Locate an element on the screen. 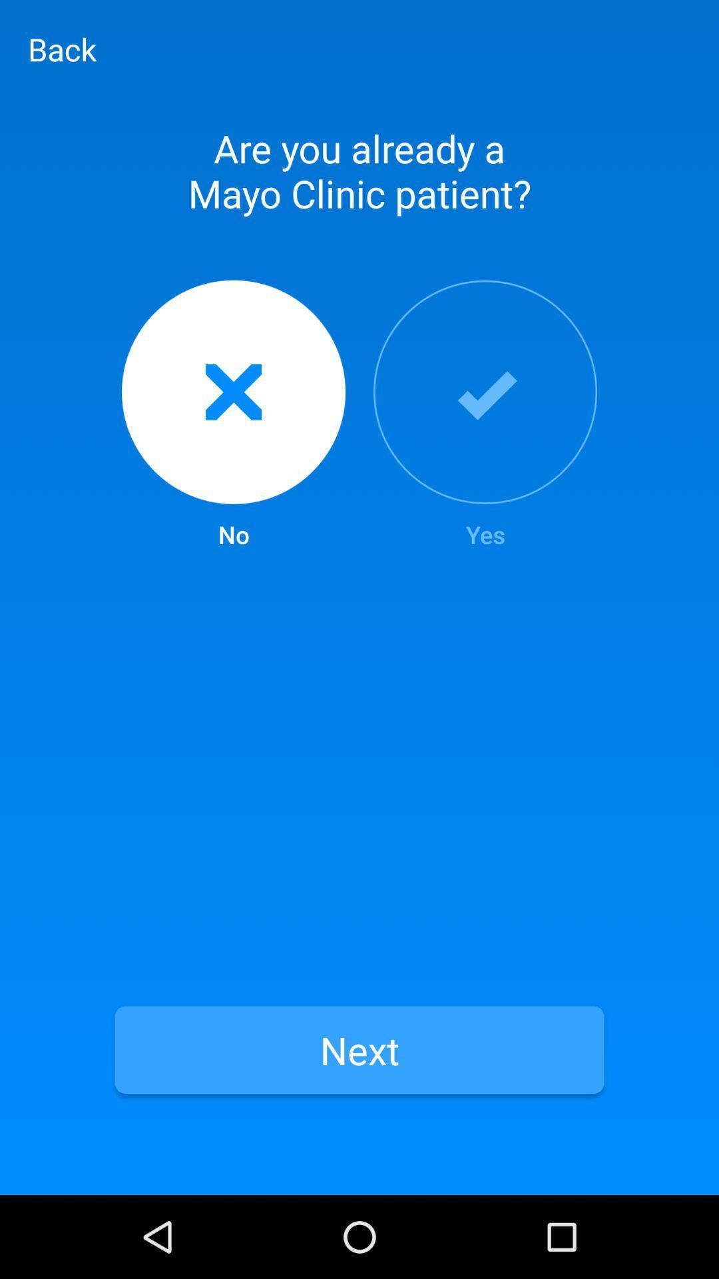  the next is located at coordinates (359, 1049).